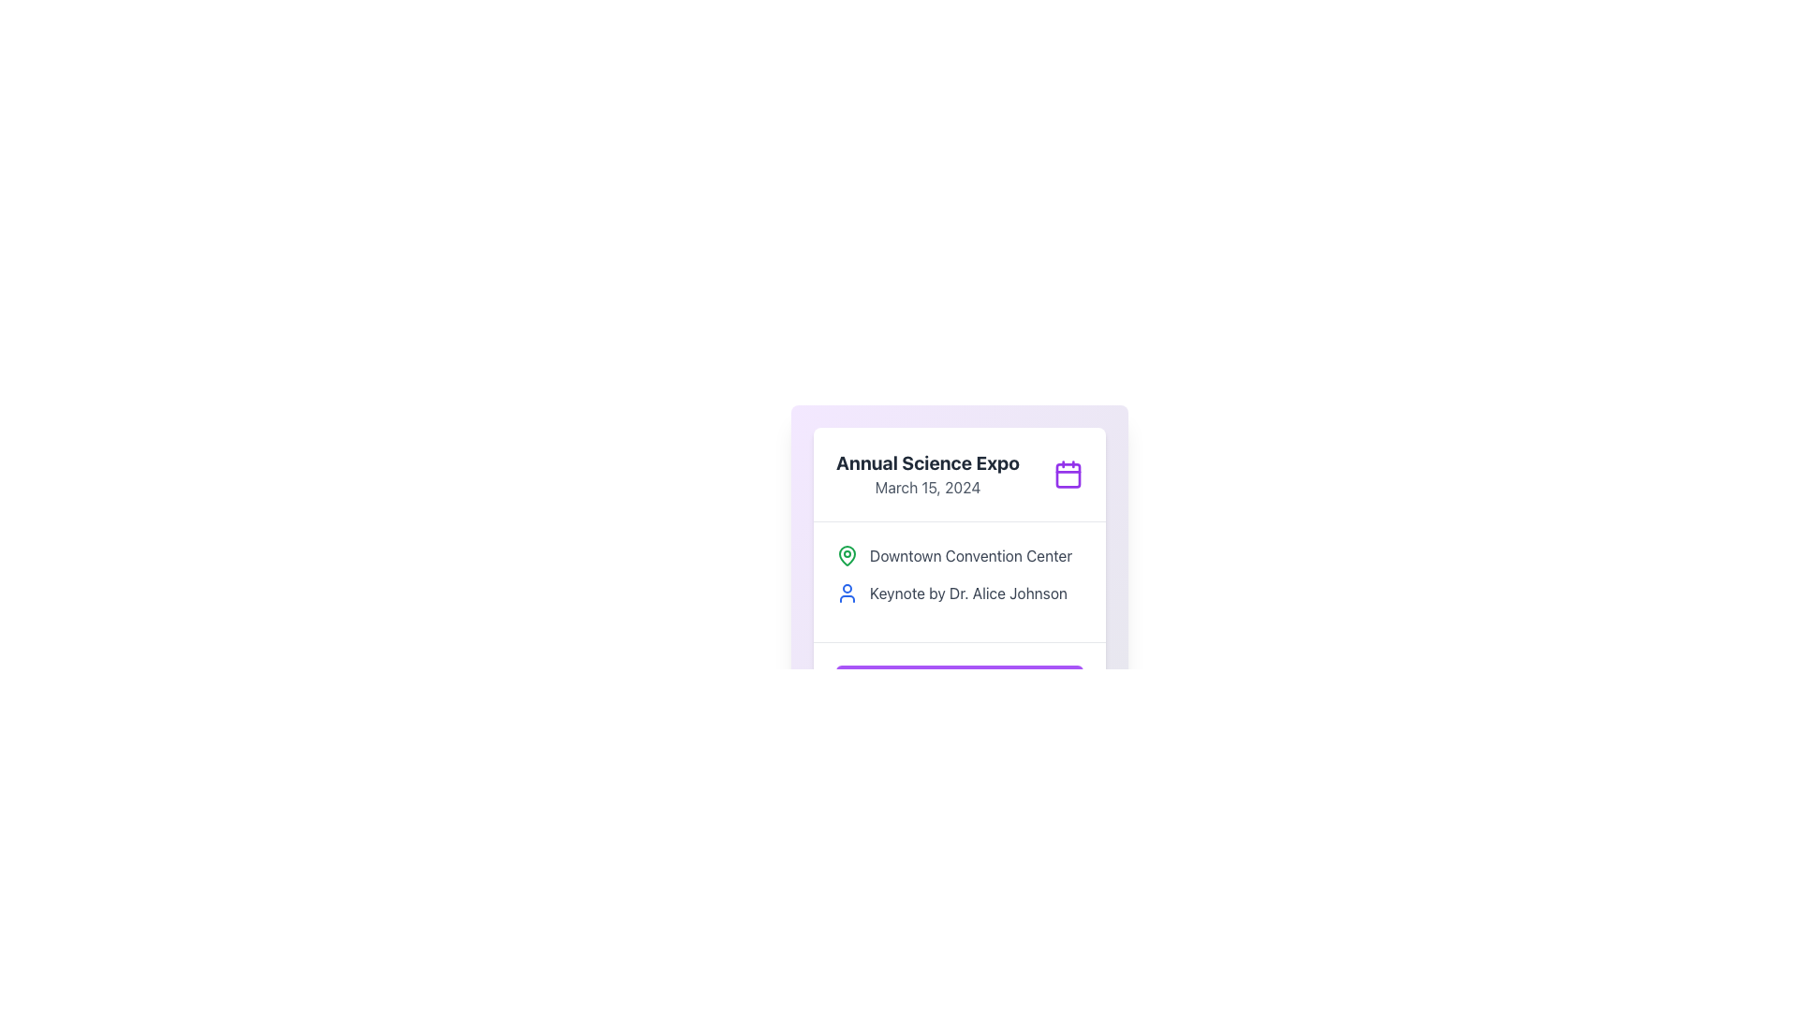 Image resolution: width=1798 pixels, height=1011 pixels. Describe the element at coordinates (1068, 475) in the screenshot. I see `the decorative graphical element located at the bottom right of the calendar icon, which represents a specific date within the calendar` at that location.